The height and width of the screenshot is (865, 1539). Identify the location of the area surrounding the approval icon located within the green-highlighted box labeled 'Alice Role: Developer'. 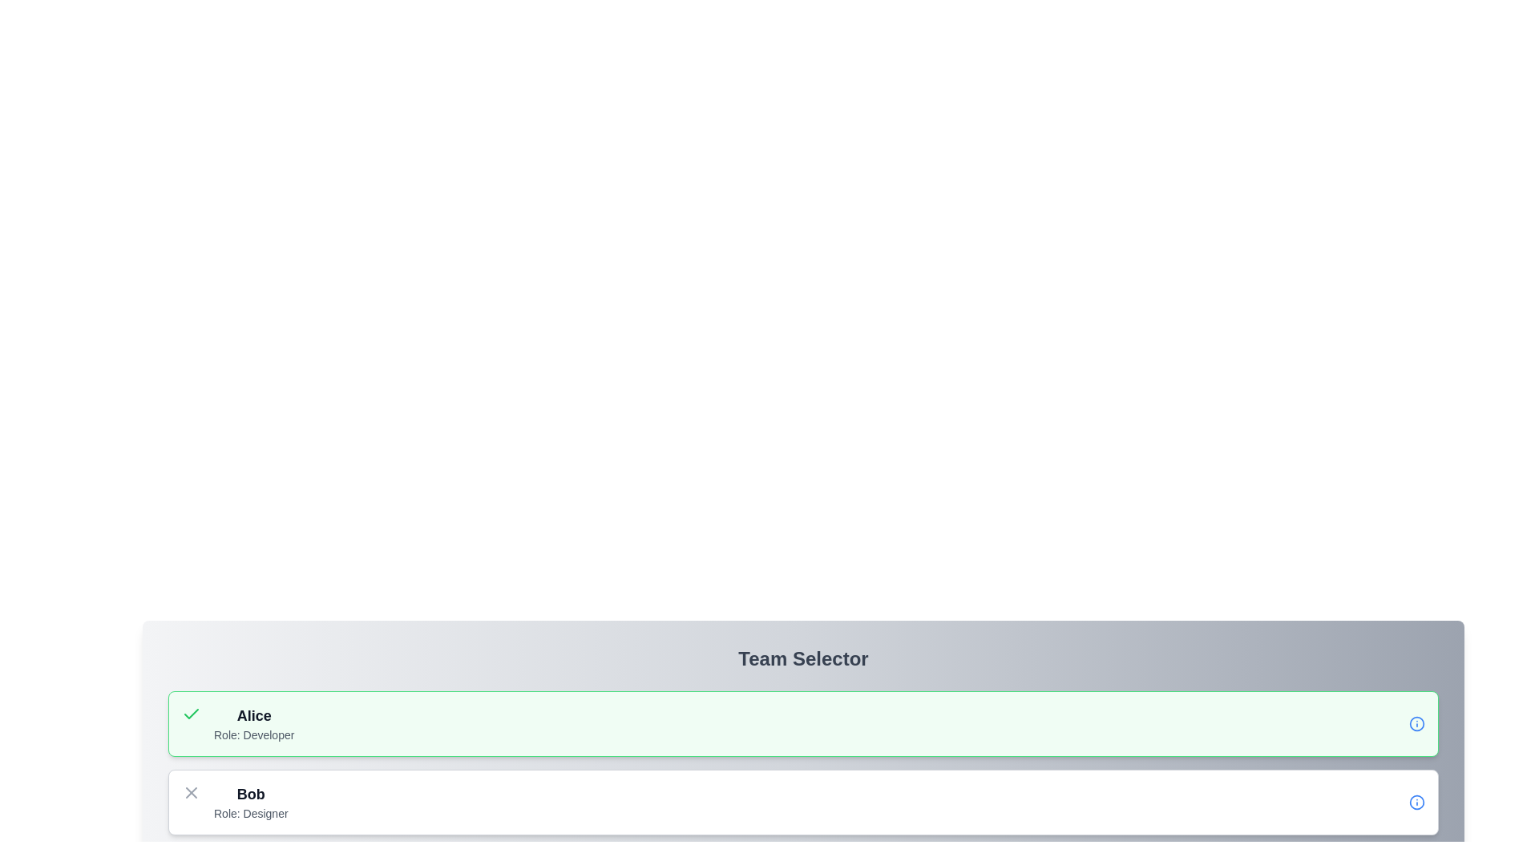
(192, 713).